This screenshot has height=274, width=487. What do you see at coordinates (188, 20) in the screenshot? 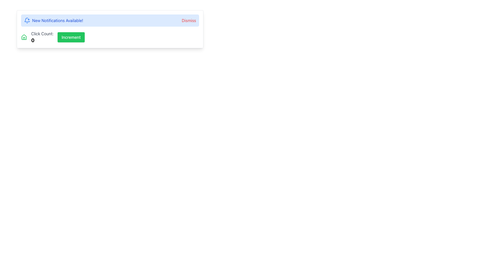
I see `the 'Dismiss' button, which is a red text label styled in bold and aligned to the right, to trigger a style change` at bounding box center [188, 20].